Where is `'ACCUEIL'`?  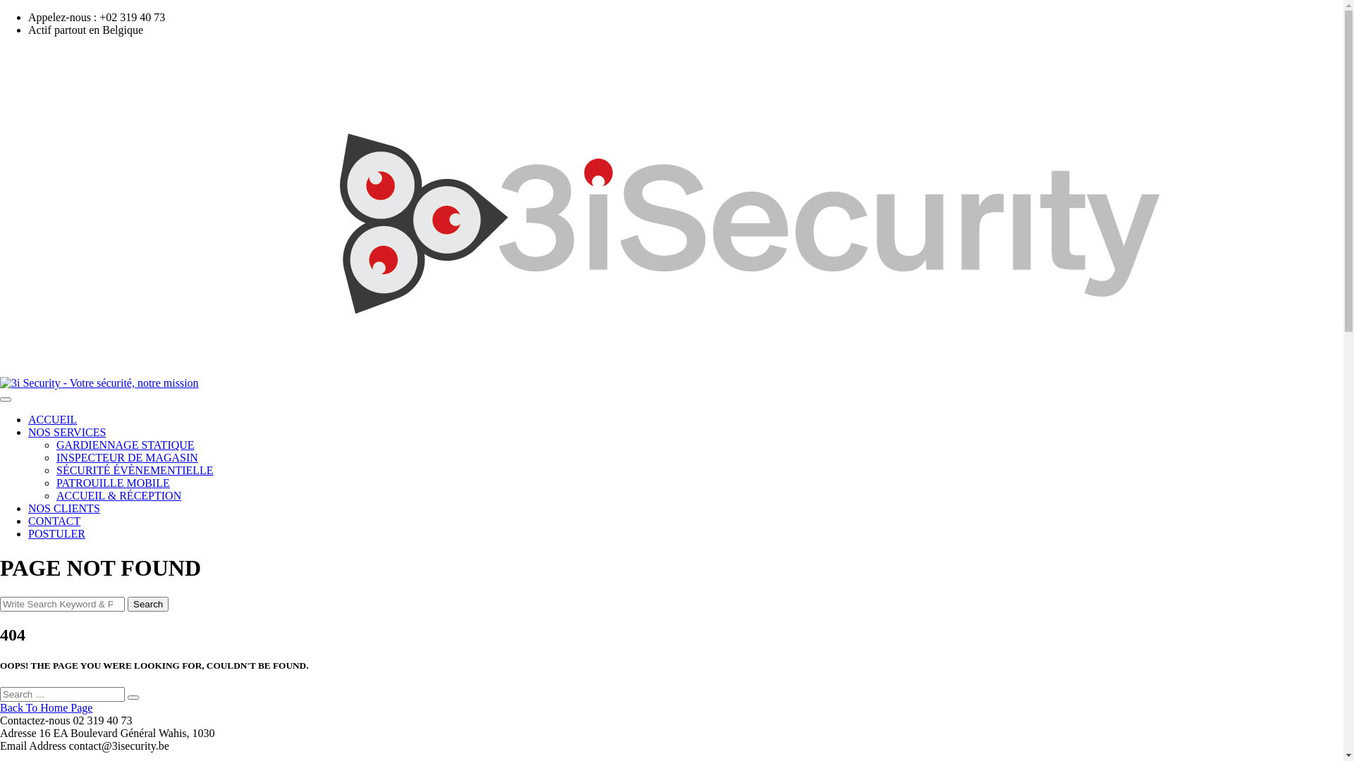
'ACCUEIL' is located at coordinates (52, 419).